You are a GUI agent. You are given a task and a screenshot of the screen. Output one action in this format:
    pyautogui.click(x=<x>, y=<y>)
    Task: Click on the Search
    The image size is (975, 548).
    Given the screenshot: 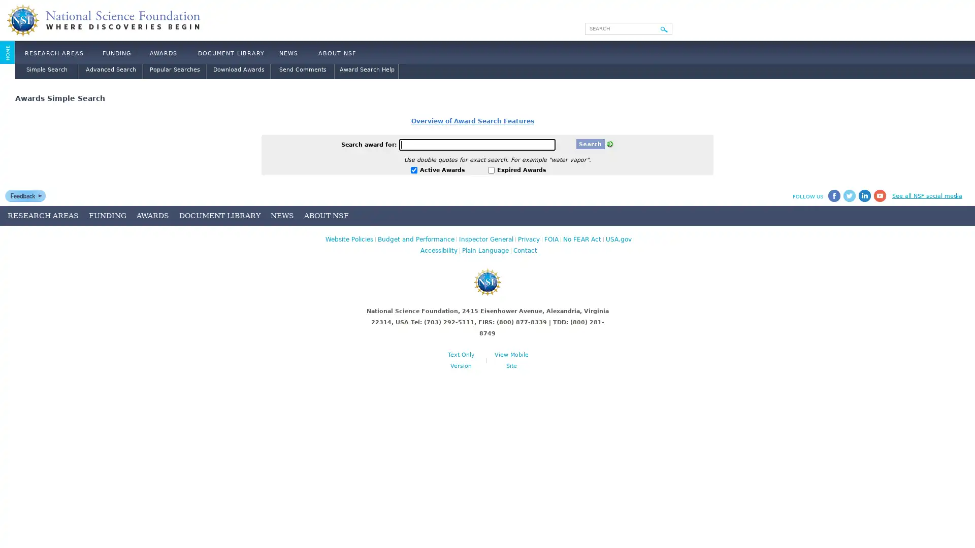 What is the action you would take?
    pyautogui.click(x=664, y=28)
    